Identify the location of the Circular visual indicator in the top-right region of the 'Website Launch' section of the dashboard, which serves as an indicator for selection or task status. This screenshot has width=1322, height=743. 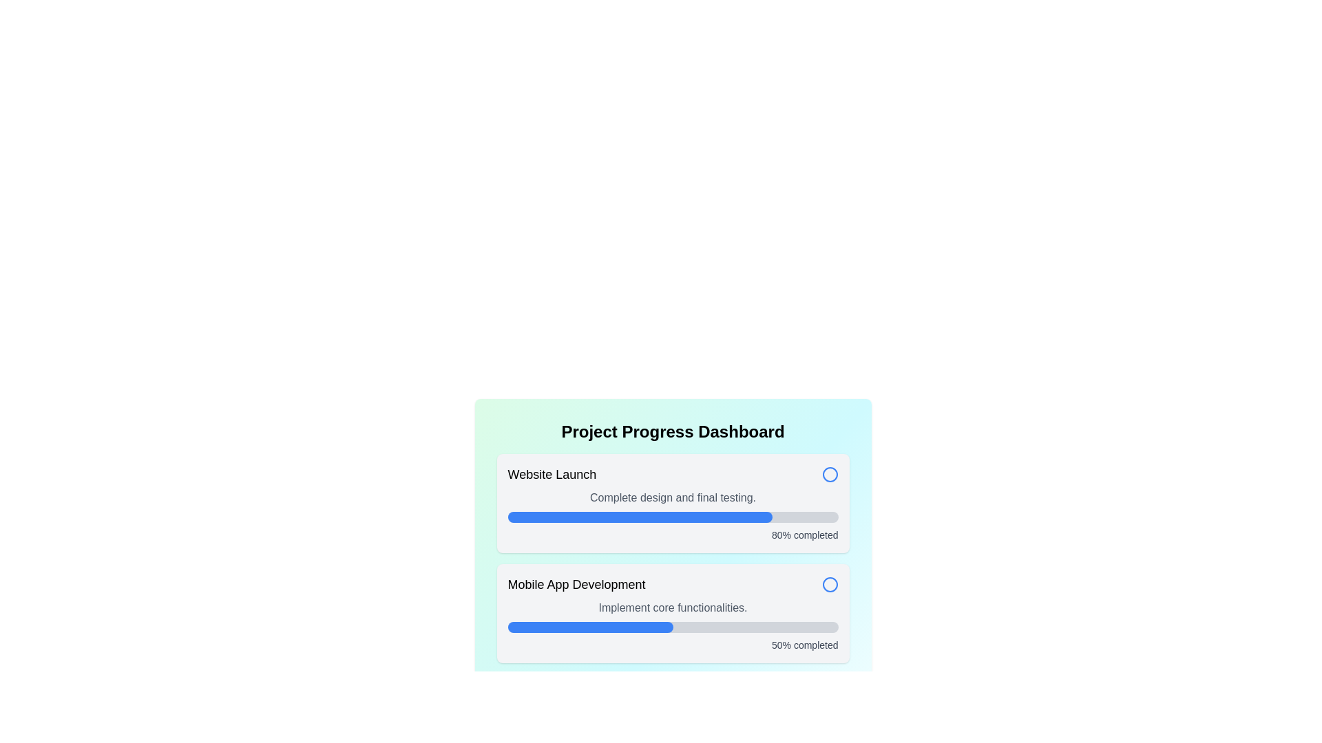
(829, 584).